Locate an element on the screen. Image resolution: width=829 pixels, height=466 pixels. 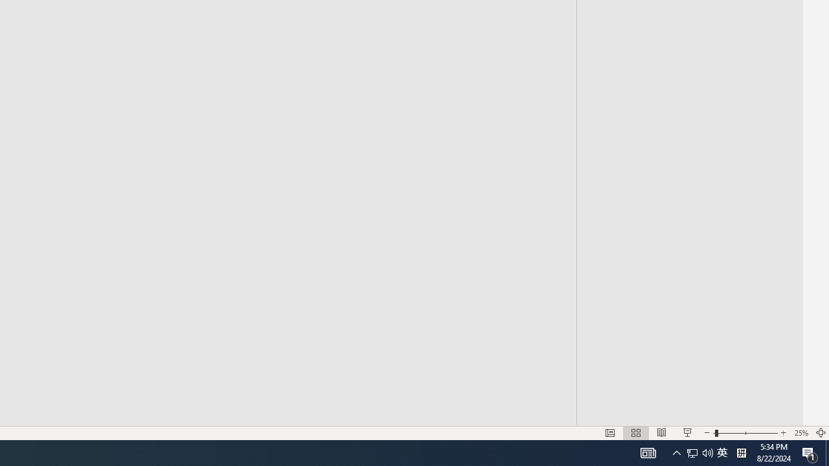
'Action Center, 1 new notification' is located at coordinates (810, 452).